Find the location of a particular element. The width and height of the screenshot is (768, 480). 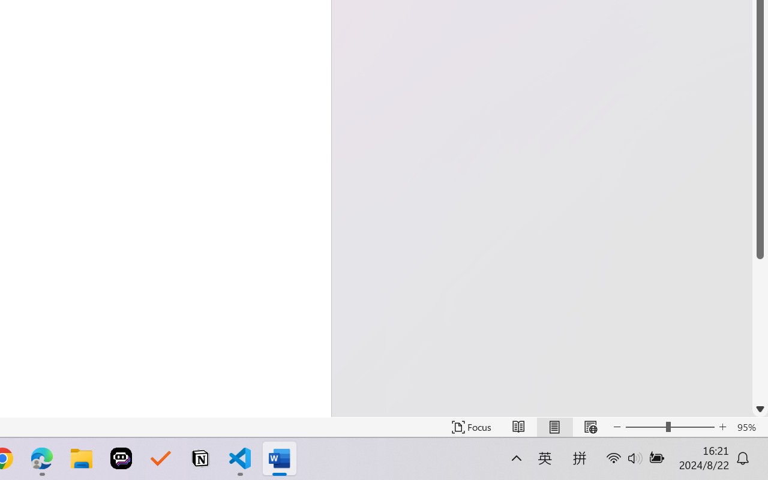

'Zoom 95%' is located at coordinates (749, 427).